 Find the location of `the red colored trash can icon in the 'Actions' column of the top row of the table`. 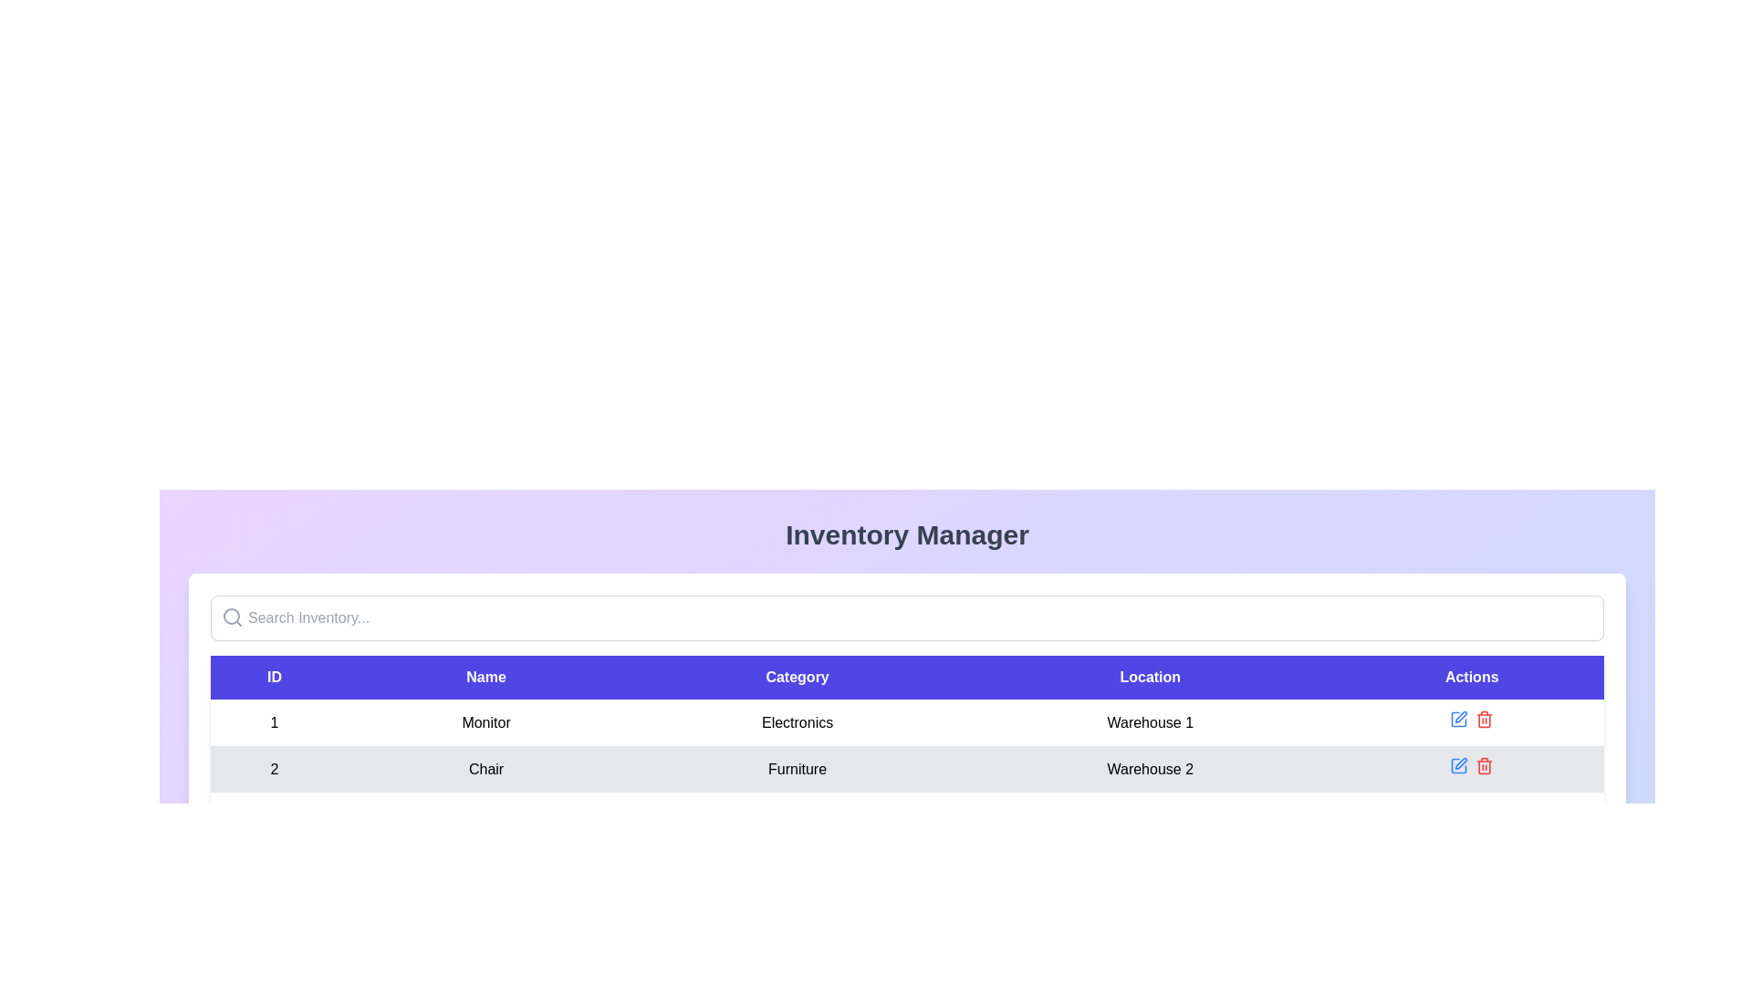

the red colored trash can icon in the 'Actions' column of the top row of the table is located at coordinates (1485, 719).